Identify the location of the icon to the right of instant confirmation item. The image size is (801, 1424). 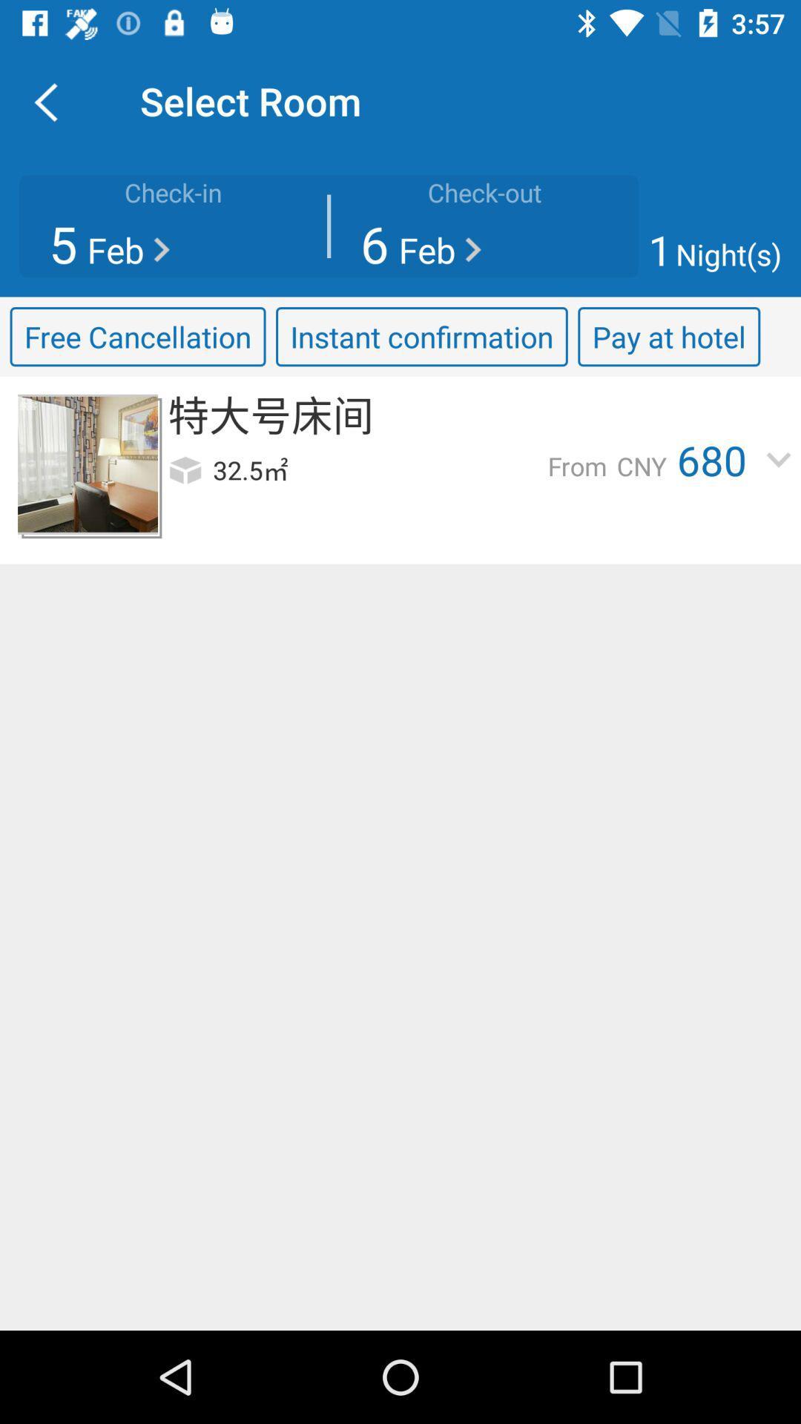
(669, 336).